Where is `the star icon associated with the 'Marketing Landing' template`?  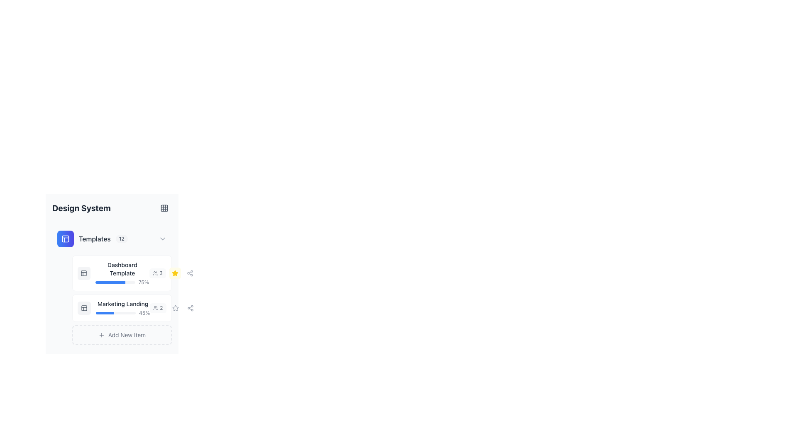 the star icon associated with the 'Marketing Landing' template is located at coordinates (174, 273).